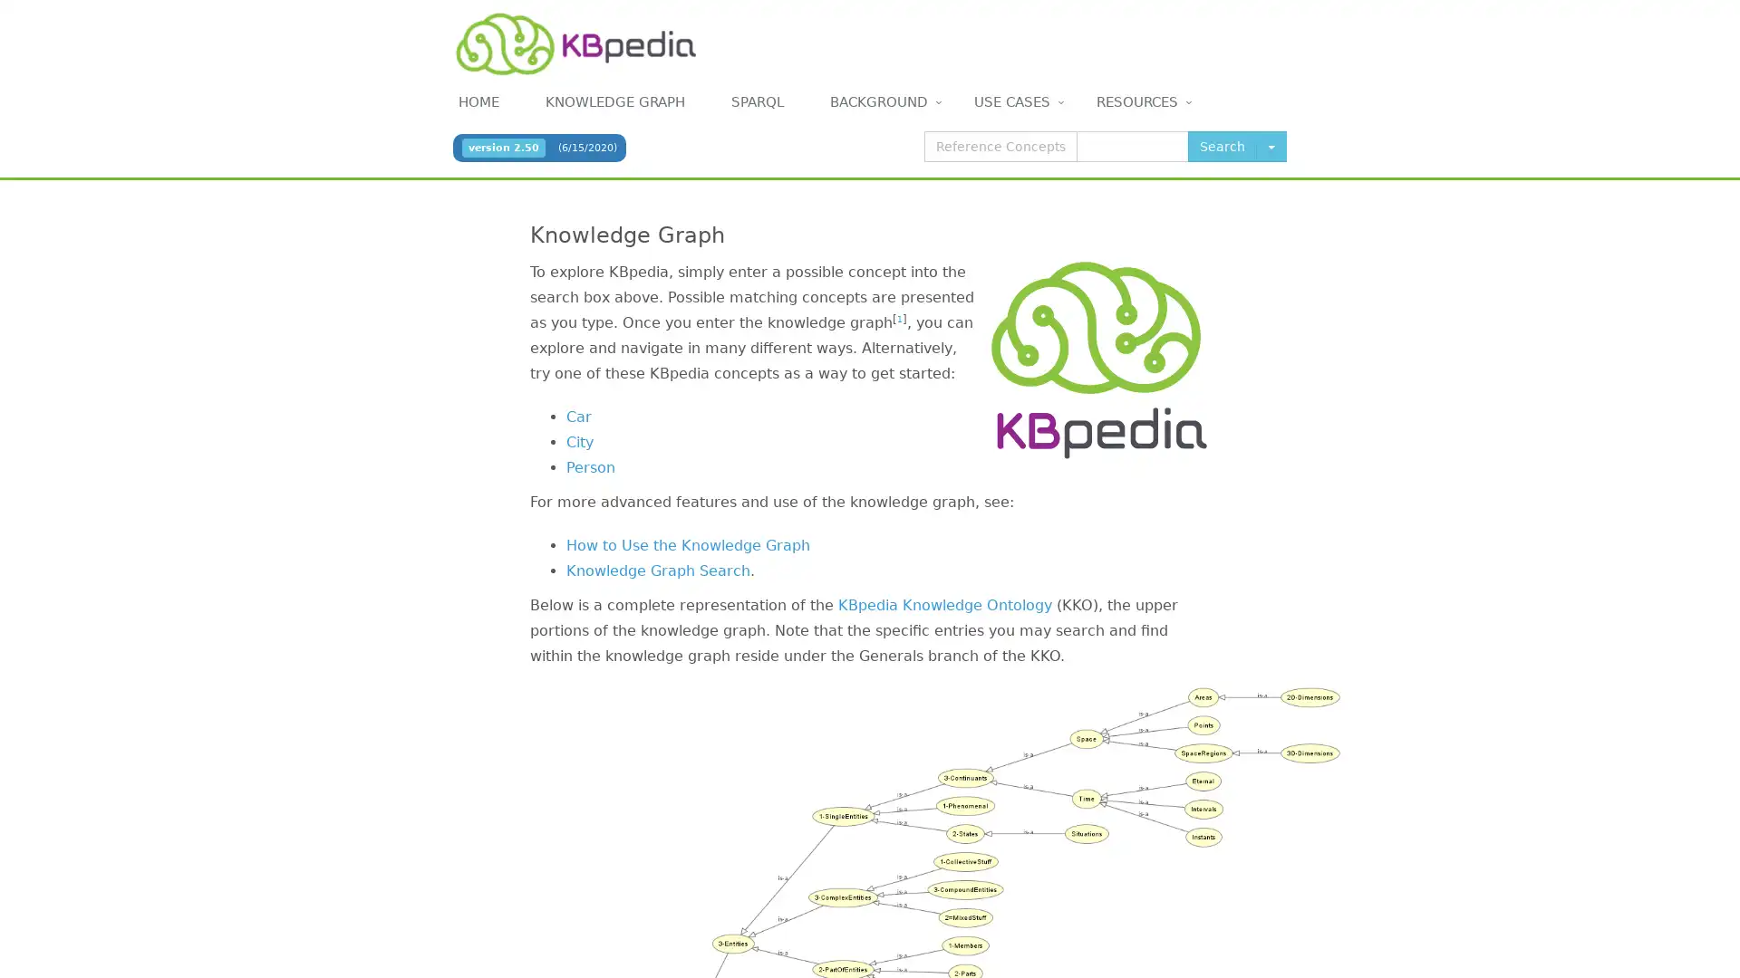 This screenshot has height=978, width=1740. Describe the element at coordinates (1270, 146) in the screenshot. I see `Toggle Dropdown` at that location.